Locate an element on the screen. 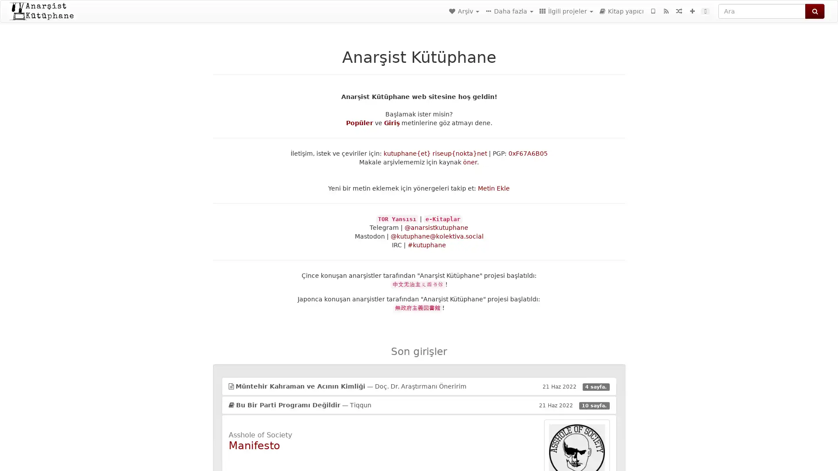 This screenshot has width=838, height=471. Ara is located at coordinates (814, 11).